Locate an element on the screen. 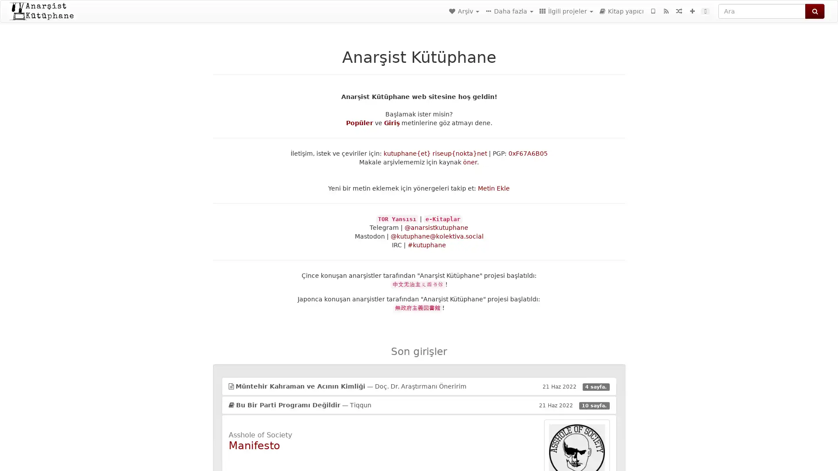 This screenshot has width=838, height=471. Ara is located at coordinates (814, 11).